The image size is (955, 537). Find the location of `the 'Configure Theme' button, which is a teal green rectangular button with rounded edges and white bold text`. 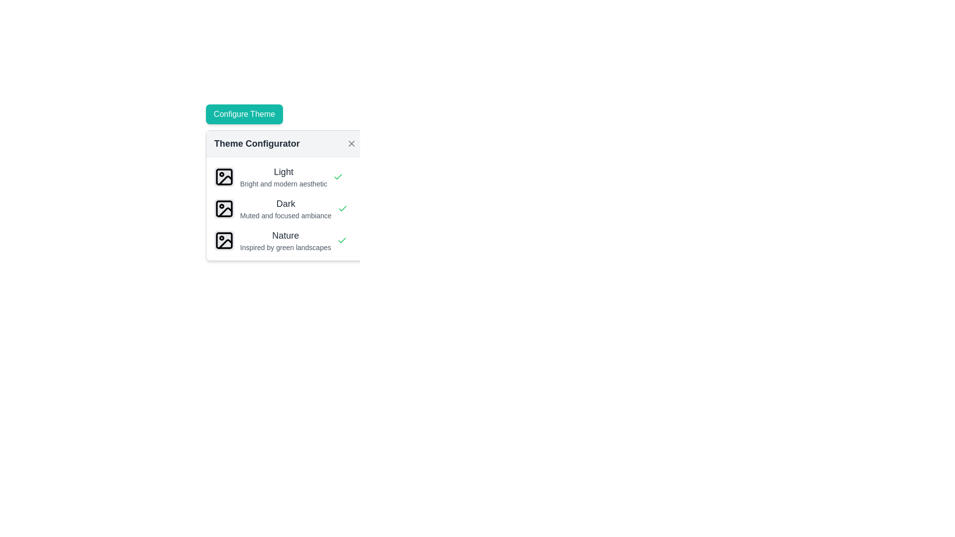

the 'Configure Theme' button, which is a teal green rectangular button with rounded edges and white bold text is located at coordinates (244, 114).